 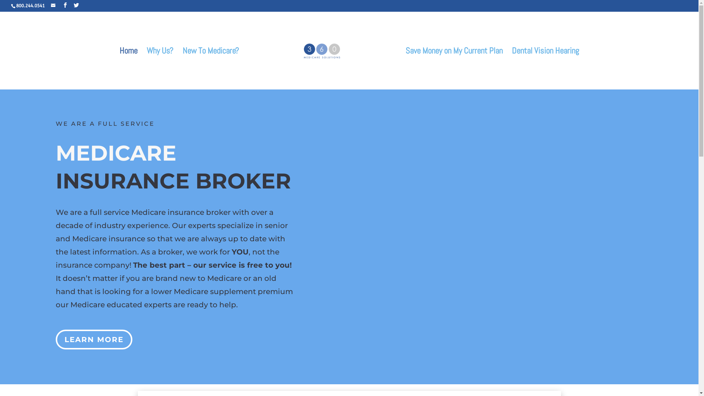 What do you see at coordinates (159, 69) in the screenshot?
I see `'Why Us?'` at bounding box center [159, 69].